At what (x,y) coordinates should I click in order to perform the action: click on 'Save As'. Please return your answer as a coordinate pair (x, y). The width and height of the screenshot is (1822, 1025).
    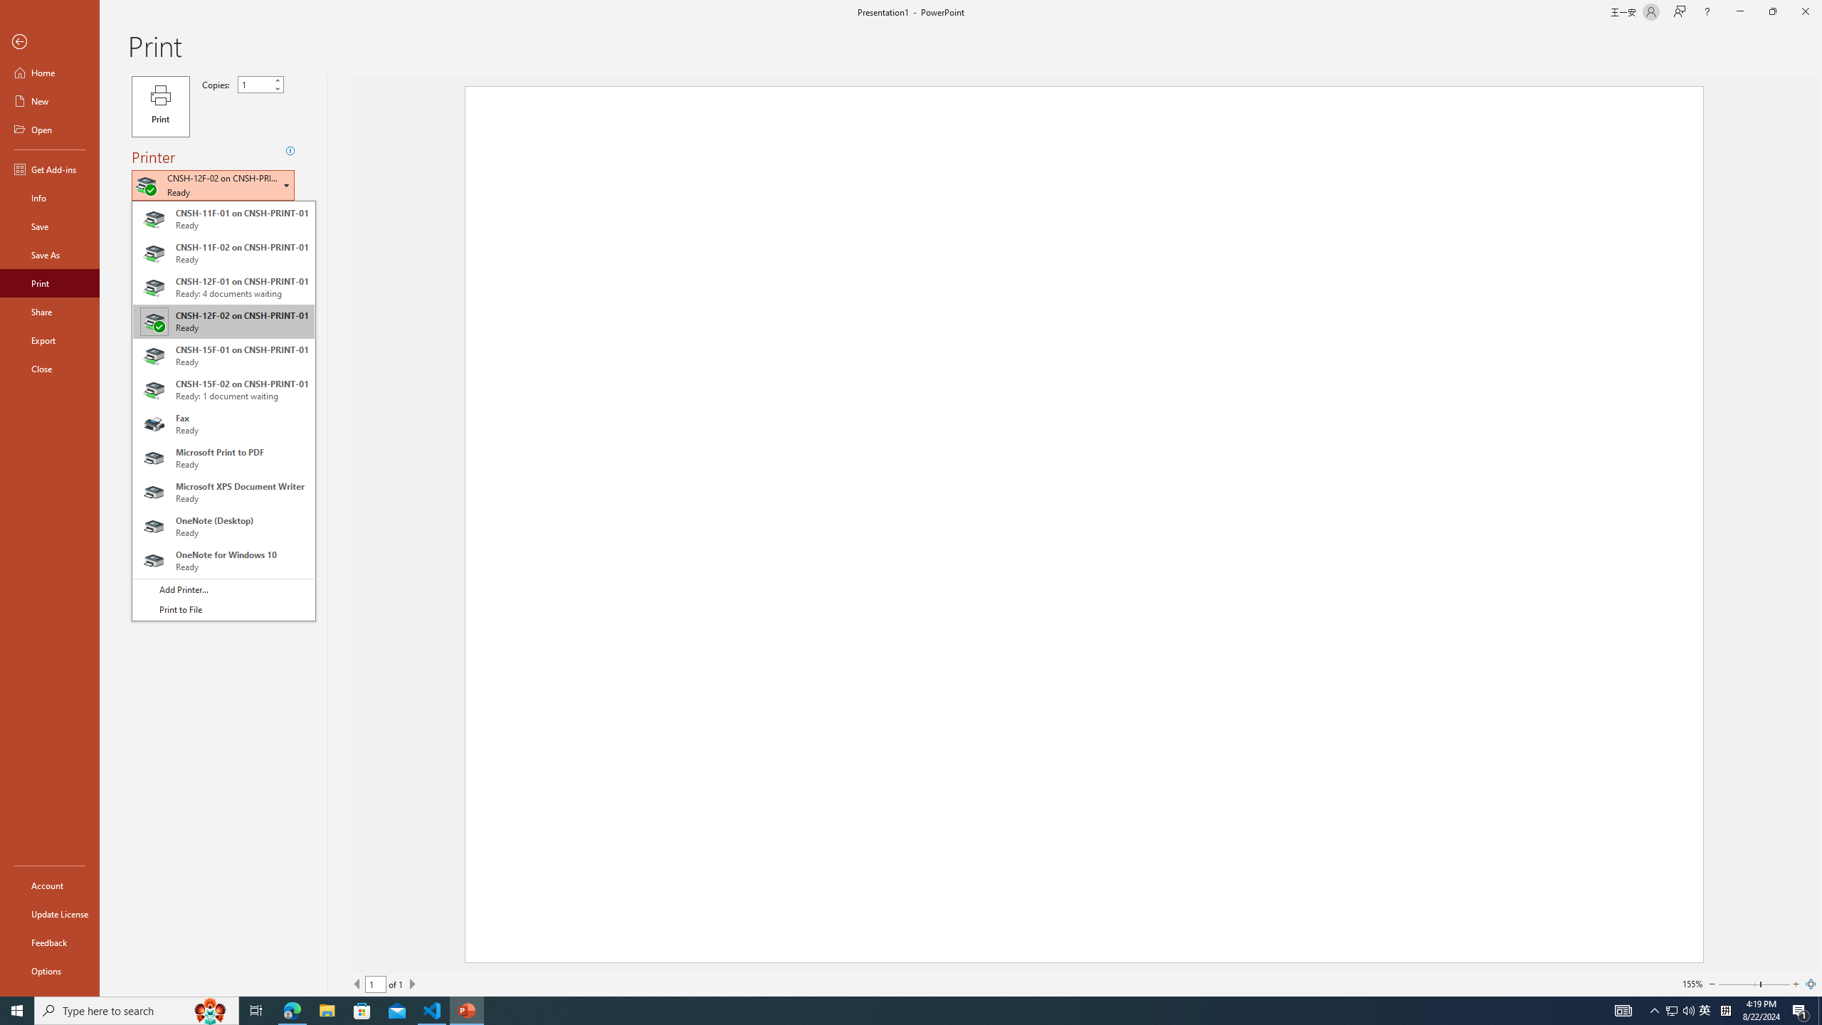
    Looking at the image, I should click on (49, 253).